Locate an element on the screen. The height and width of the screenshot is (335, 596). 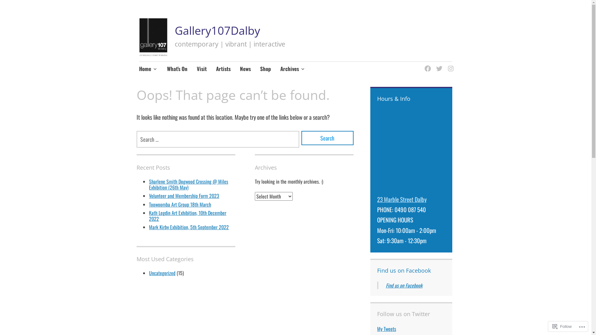
'23 Marble Street Dalby' is located at coordinates (377, 199).